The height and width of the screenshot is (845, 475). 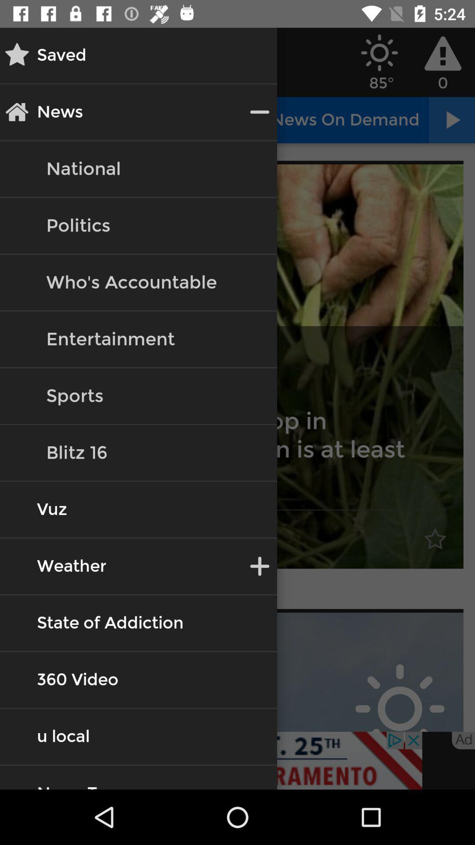 I want to click on the star icon, so click(x=32, y=59).